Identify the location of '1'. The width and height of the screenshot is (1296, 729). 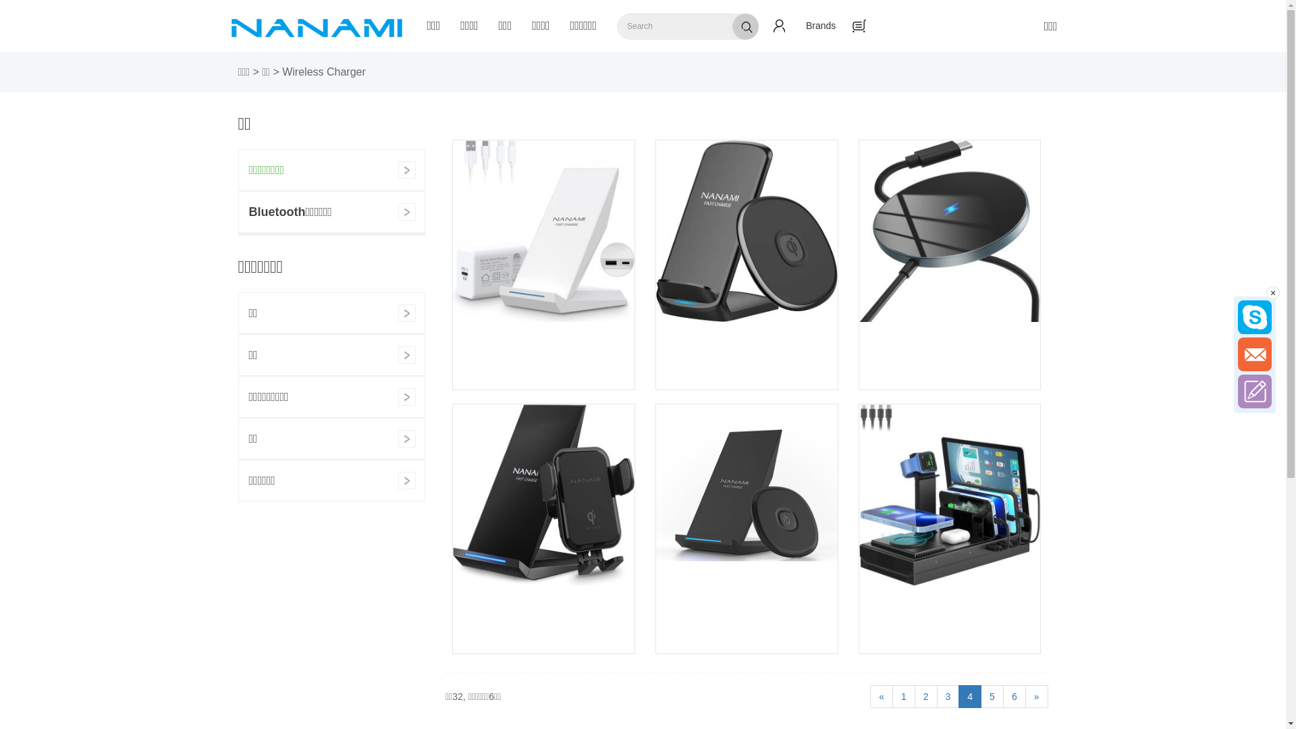
(904, 697).